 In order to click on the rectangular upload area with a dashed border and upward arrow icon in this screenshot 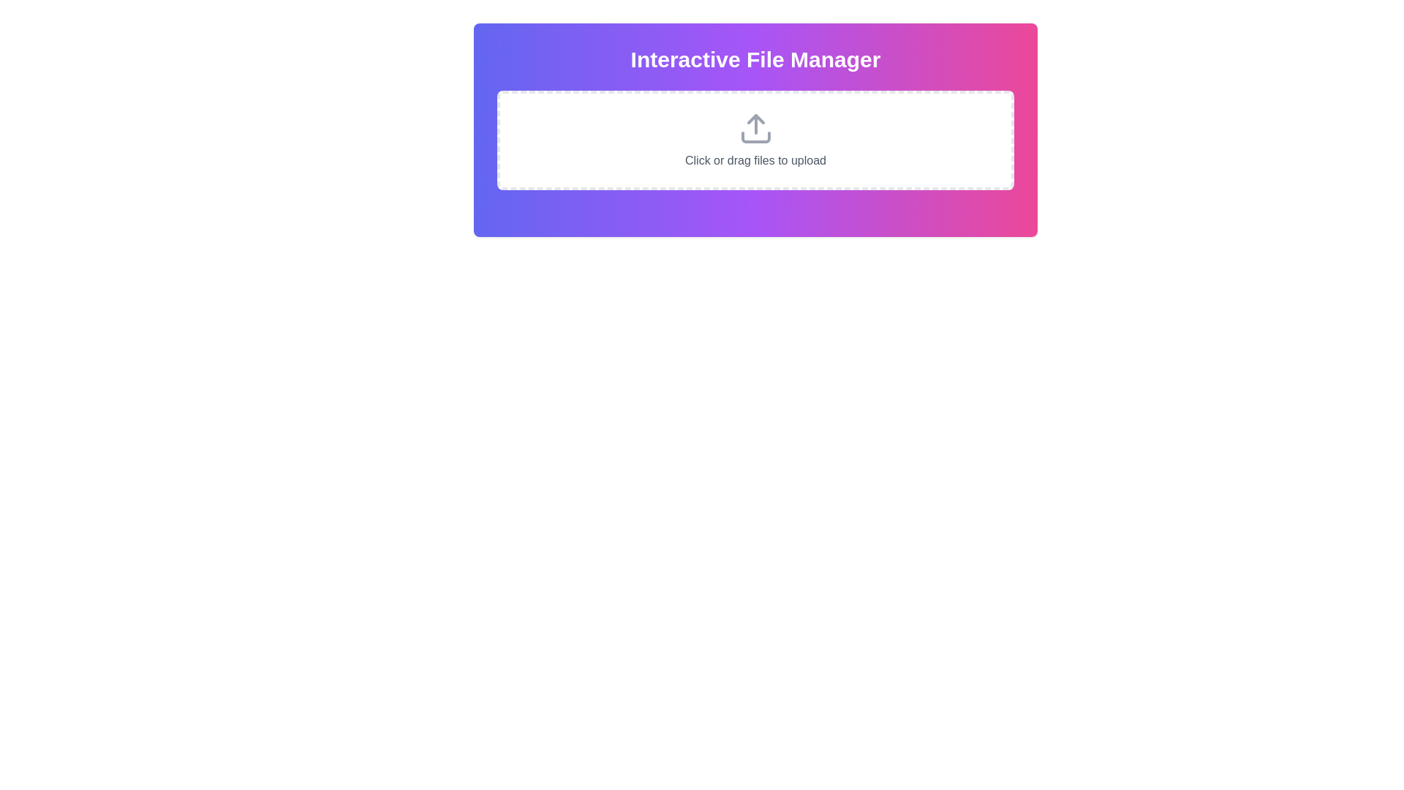, I will do `click(755, 140)`.